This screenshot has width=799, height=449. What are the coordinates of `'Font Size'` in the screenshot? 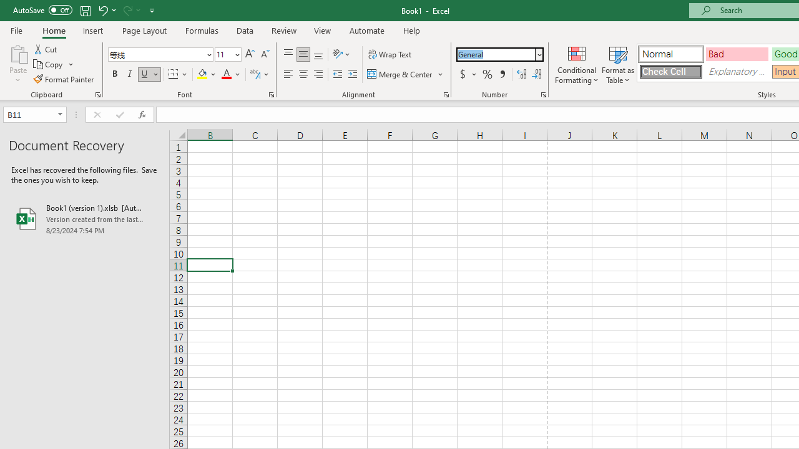 It's located at (228, 54).